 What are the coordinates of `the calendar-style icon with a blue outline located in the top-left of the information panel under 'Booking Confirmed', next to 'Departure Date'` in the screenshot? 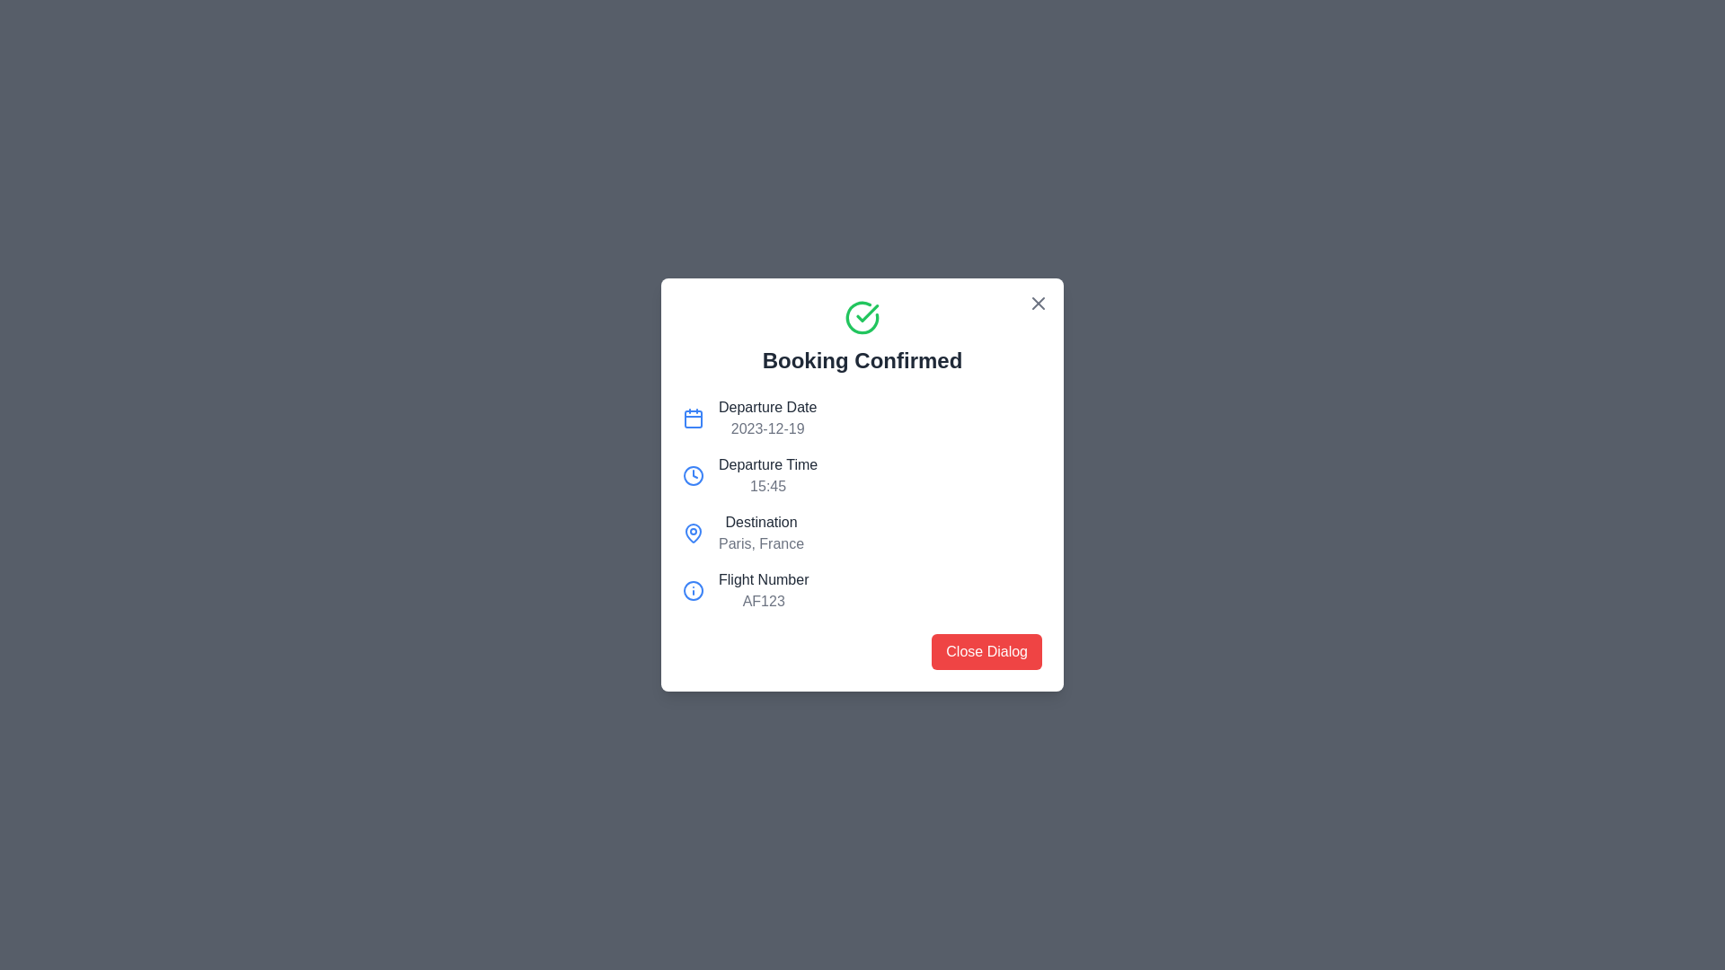 It's located at (693, 419).